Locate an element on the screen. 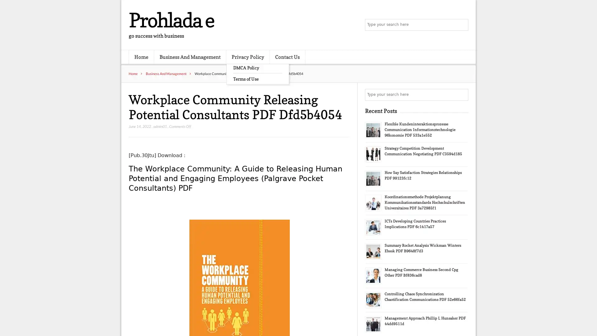  Search is located at coordinates (462, 95).